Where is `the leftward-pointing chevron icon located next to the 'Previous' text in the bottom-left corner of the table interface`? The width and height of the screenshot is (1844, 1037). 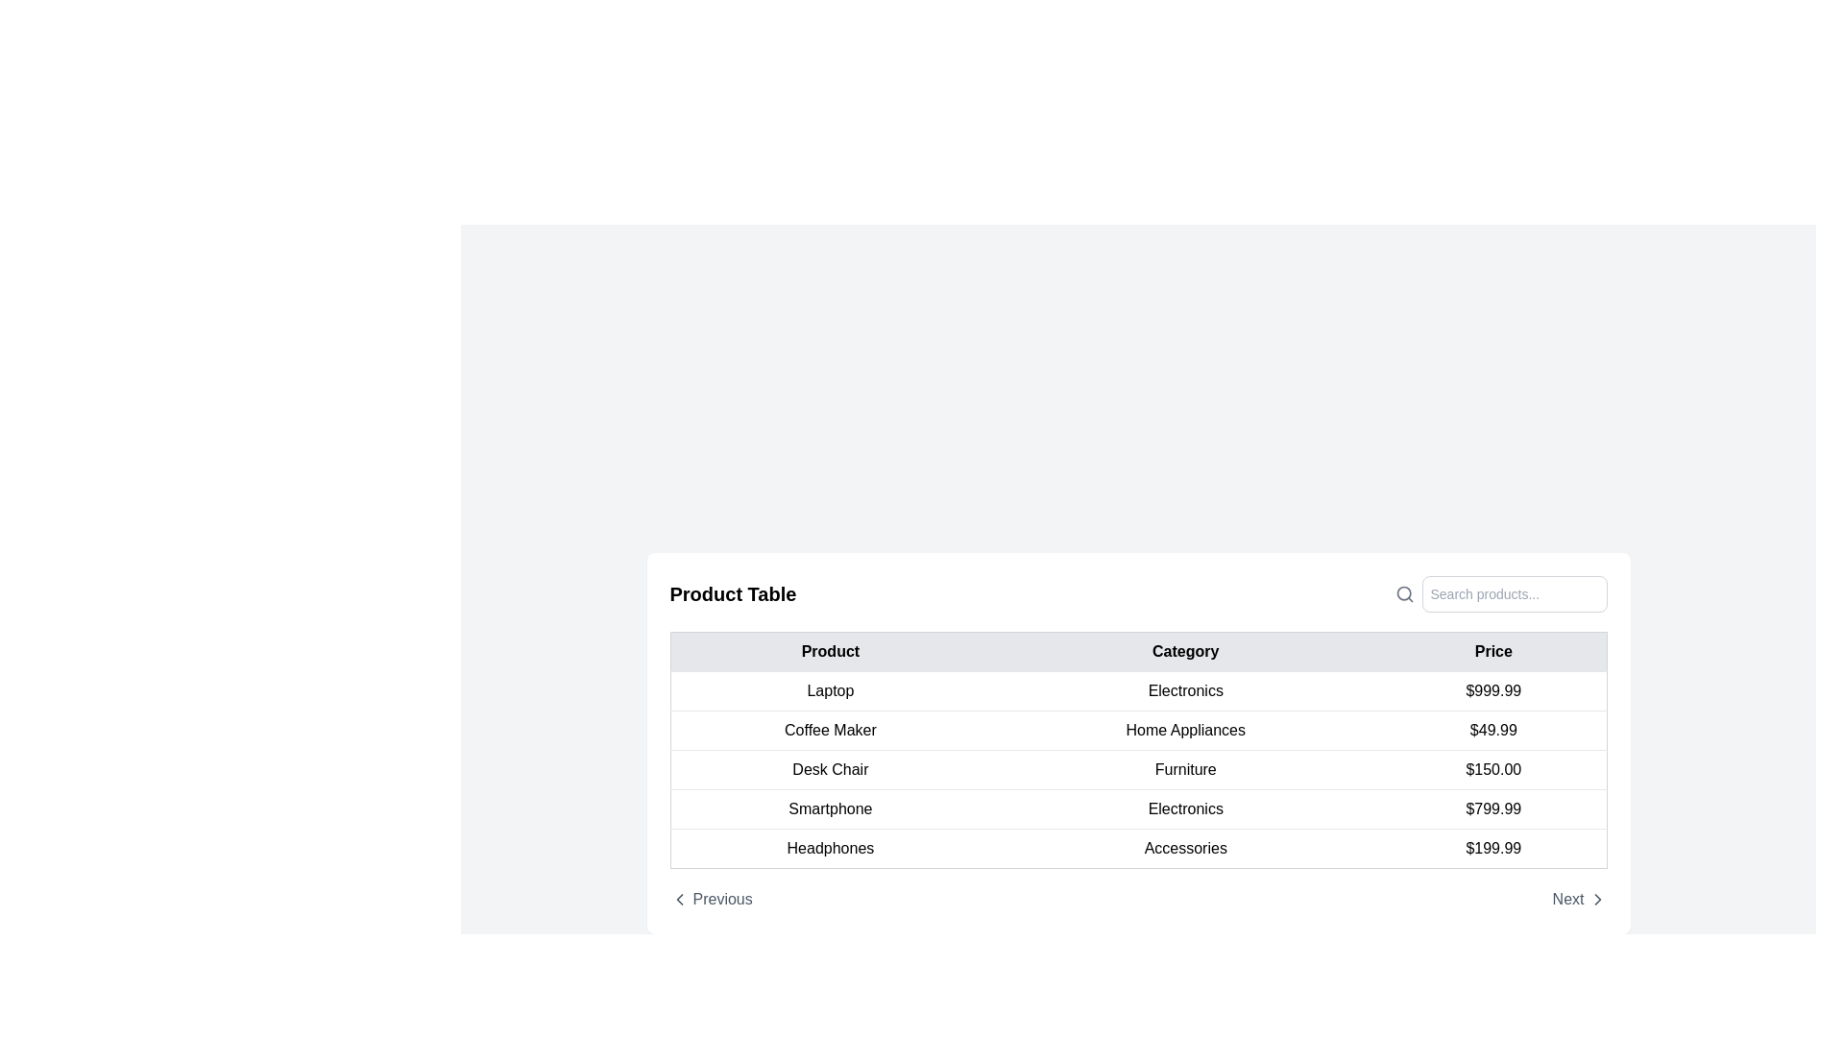 the leftward-pointing chevron icon located next to the 'Previous' text in the bottom-left corner of the table interface is located at coordinates (679, 899).